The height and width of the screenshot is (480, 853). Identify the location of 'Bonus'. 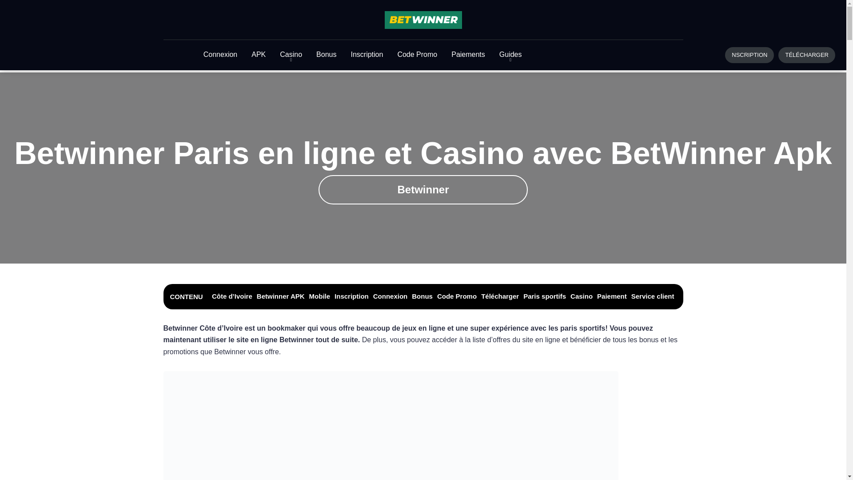
(422, 296).